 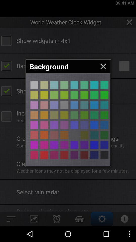 What do you see at coordinates (34, 95) in the screenshot?
I see `change background color to yellow` at bounding box center [34, 95].